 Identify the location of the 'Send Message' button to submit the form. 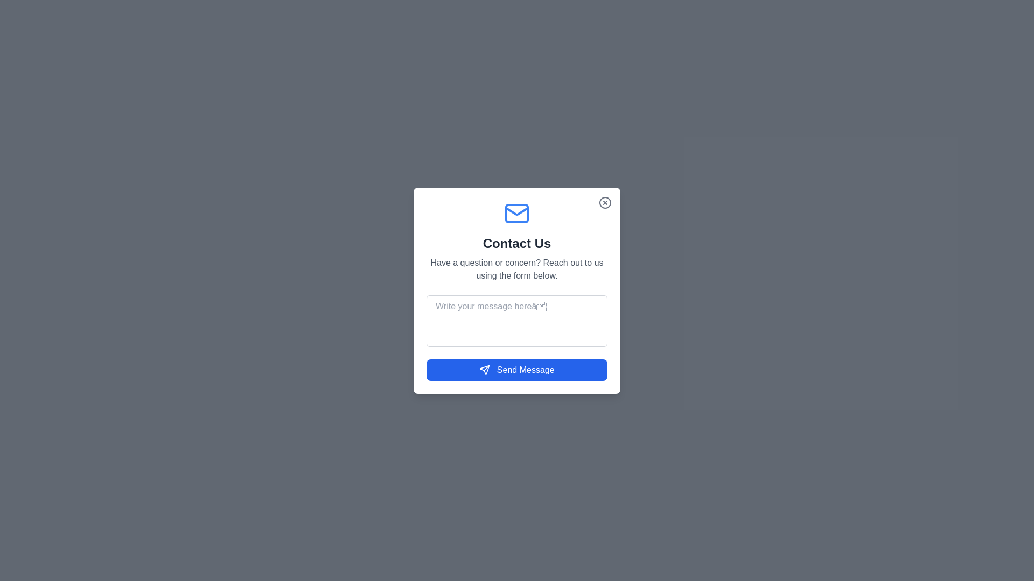
(517, 369).